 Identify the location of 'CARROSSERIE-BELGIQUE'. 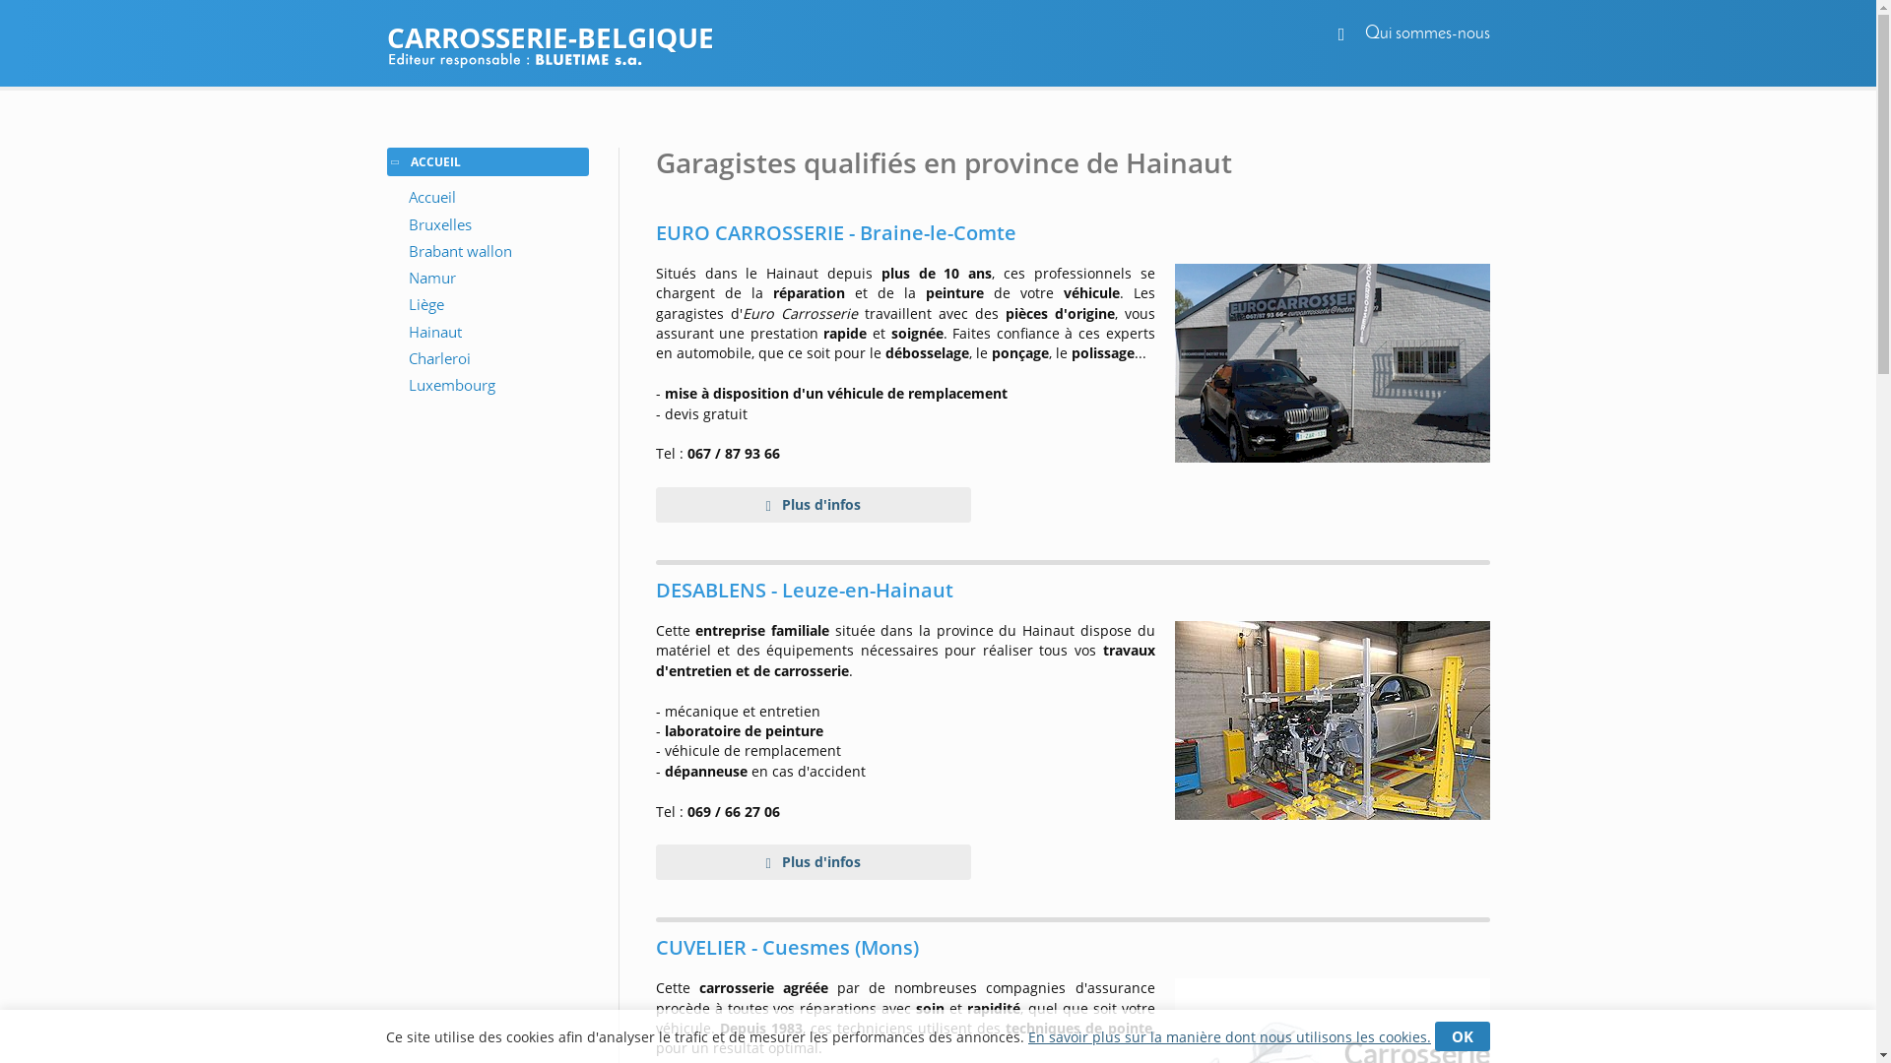
(936, 37).